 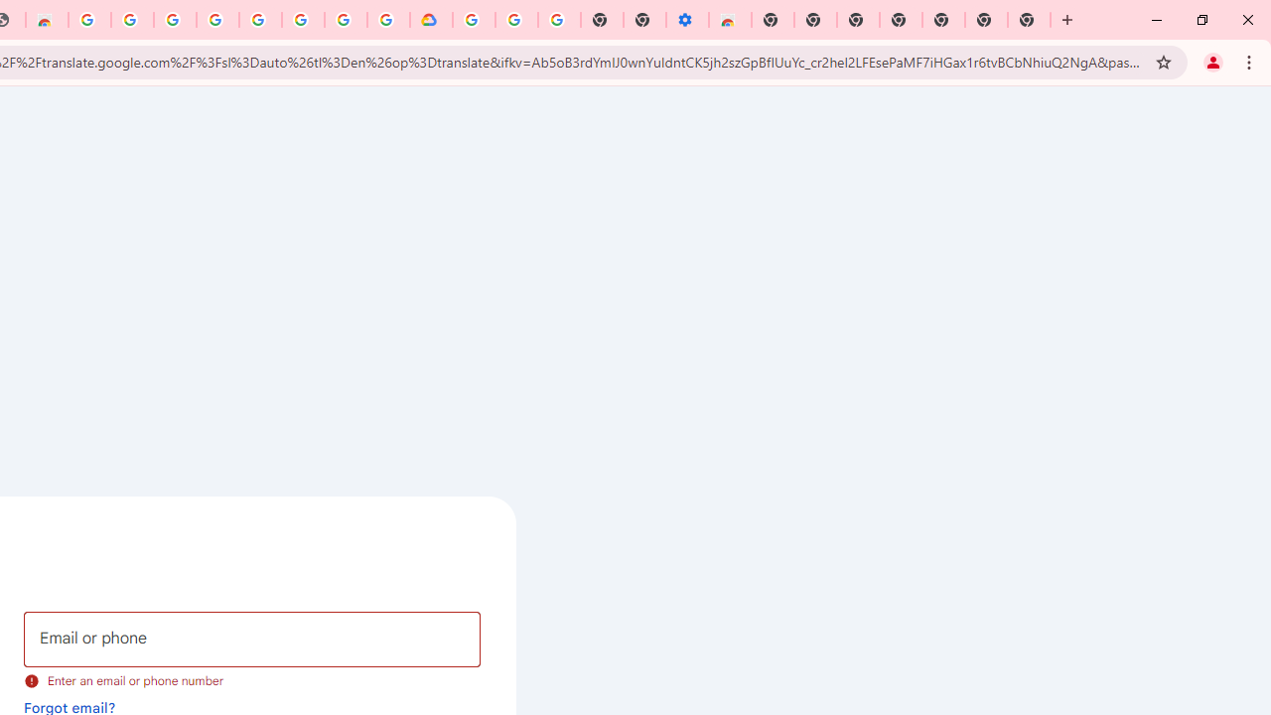 What do you see at coordinates (47, 20) in the screenshot?
I see `'Chrome Web Store - Household'` at bounding box center [47, 20].